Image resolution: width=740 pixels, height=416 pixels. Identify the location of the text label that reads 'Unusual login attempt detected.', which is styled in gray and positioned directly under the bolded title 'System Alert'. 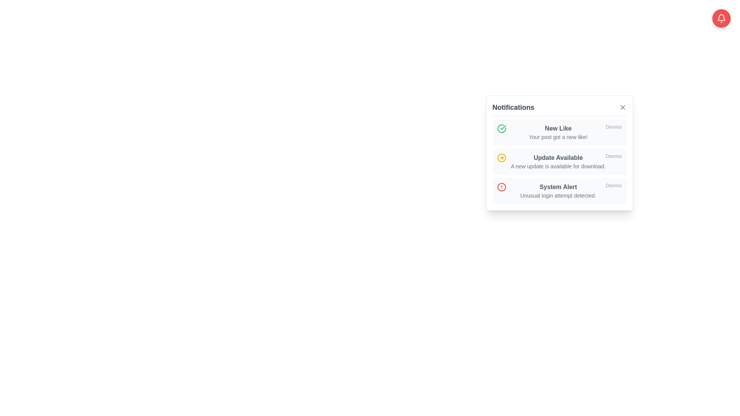
(558, 195).